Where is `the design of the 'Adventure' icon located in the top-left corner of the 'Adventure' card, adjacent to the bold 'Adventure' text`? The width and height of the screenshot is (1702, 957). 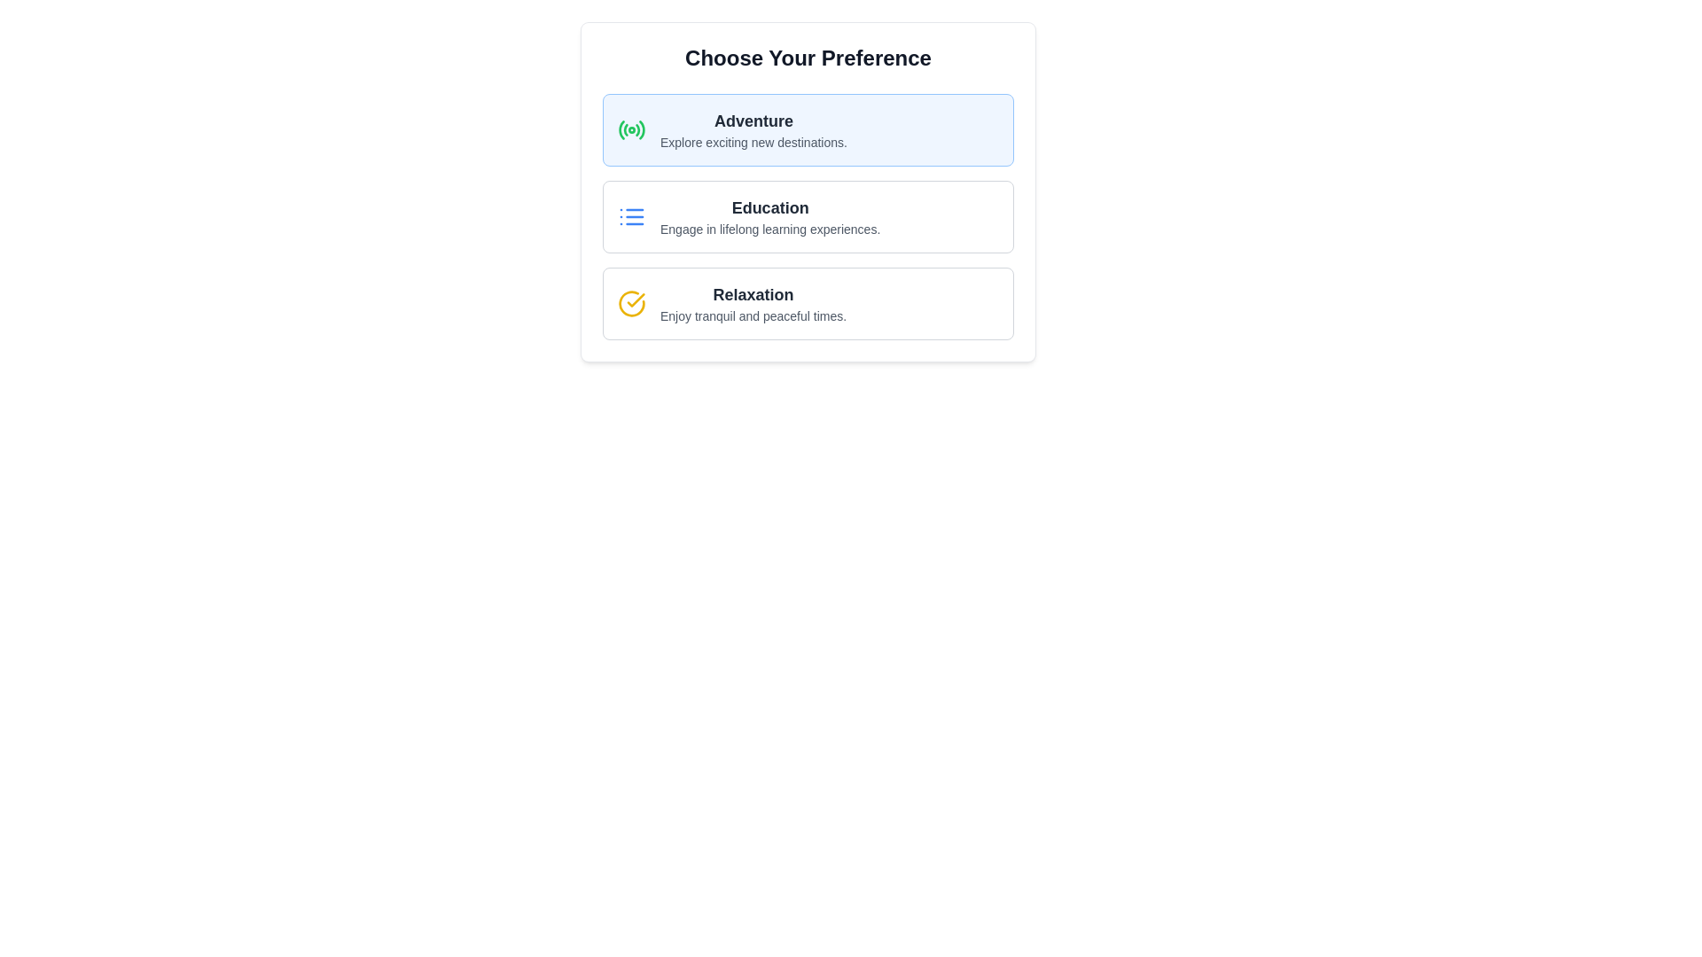 the design of the 'Adventure' icon located in the top-left corner of the 'Adventure' card, adjacent to the bold 'Adventure' text is located at coordinates (632, 128).